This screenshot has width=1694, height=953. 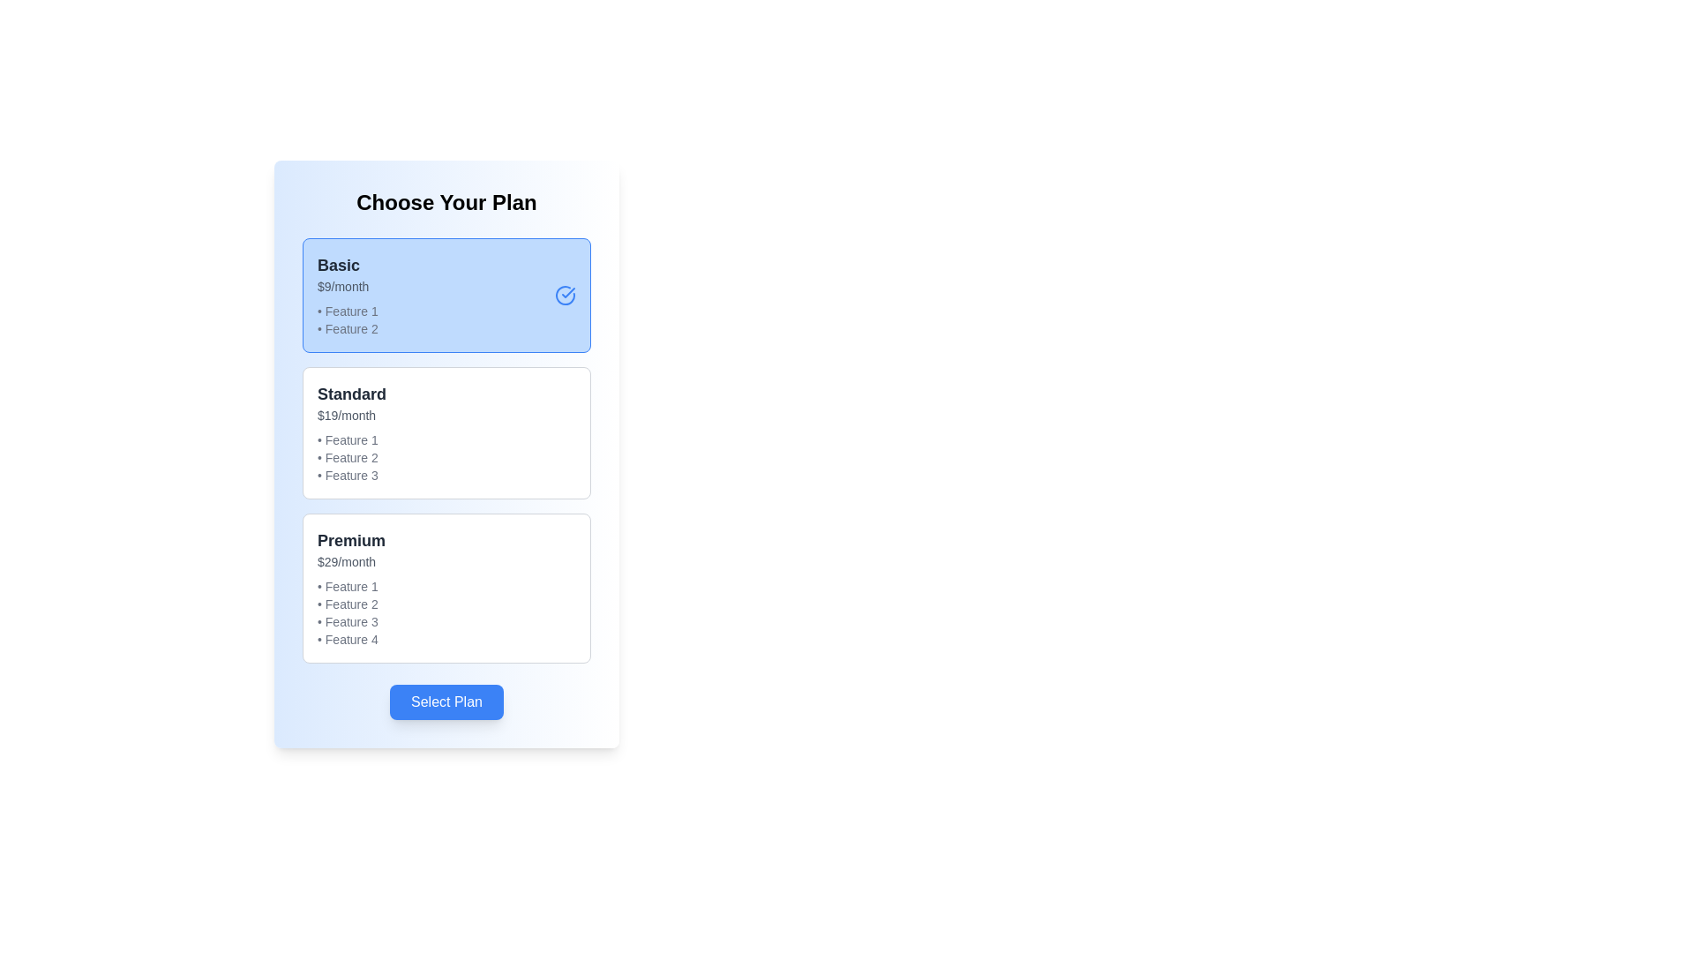 What do you see at coordinates (446, 432) in the screenshot?
I see `the 'Standard' pricing plan card, which is a rectangular card with a white background and light gray border, located centrally in the pricing section below the 'Basic' card and above the 'Premium' card` at bounding box center [446, 432].